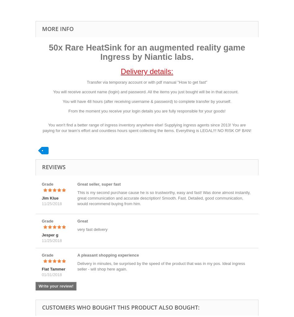 Image resolution: width=294 pixels, height=317 pixels. I want to click on '50x Rare HeatSink for an augmented reality game Ingress by Niantic labs.', so click(146, 52).